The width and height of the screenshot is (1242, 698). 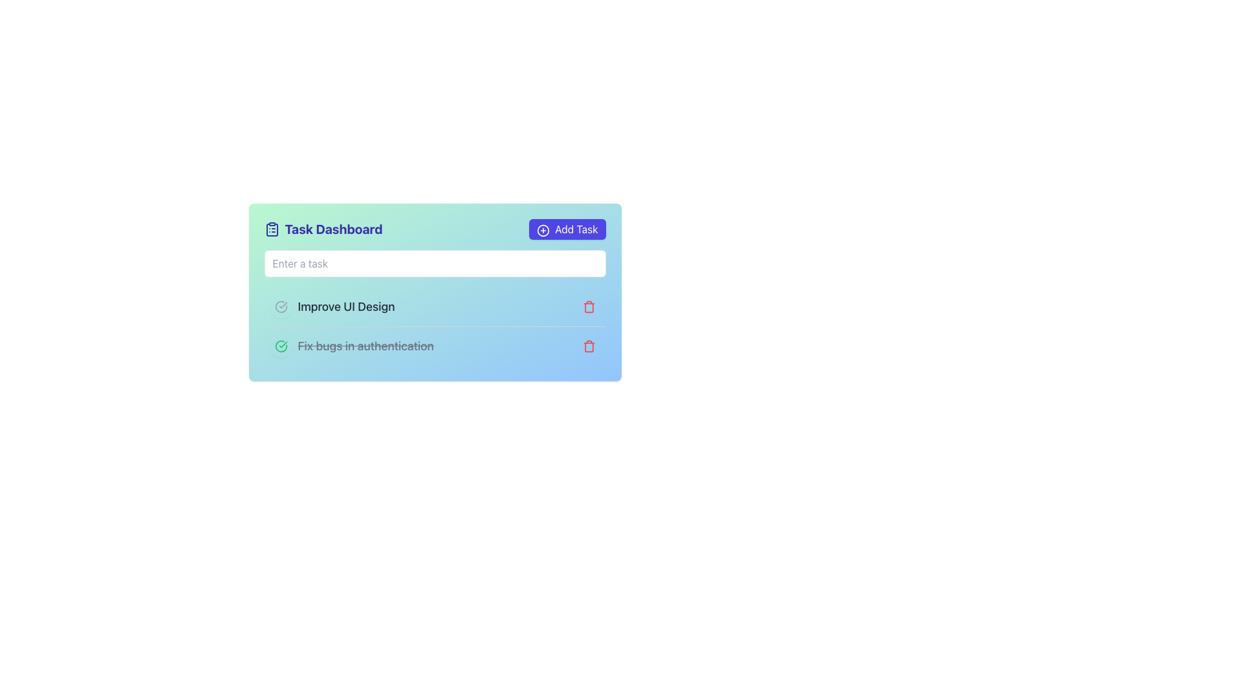 I want to click on the 'Add Task' button located at the top-right side of the 'Task Dashboard' section, so click(x=567, y=228).